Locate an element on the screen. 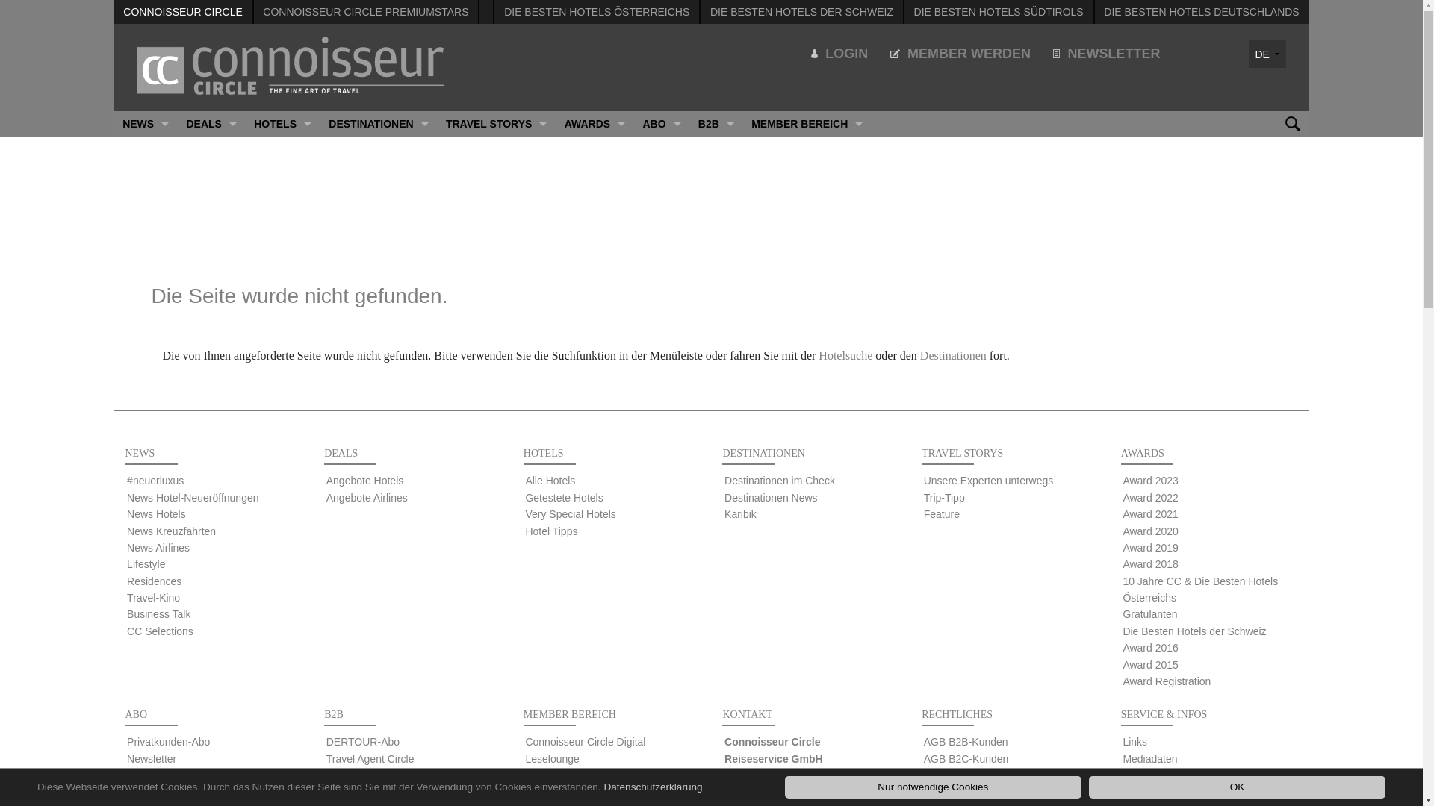 This screenshot has height=806, width=1434. 'Residences' is located at coordinates (154, 581).